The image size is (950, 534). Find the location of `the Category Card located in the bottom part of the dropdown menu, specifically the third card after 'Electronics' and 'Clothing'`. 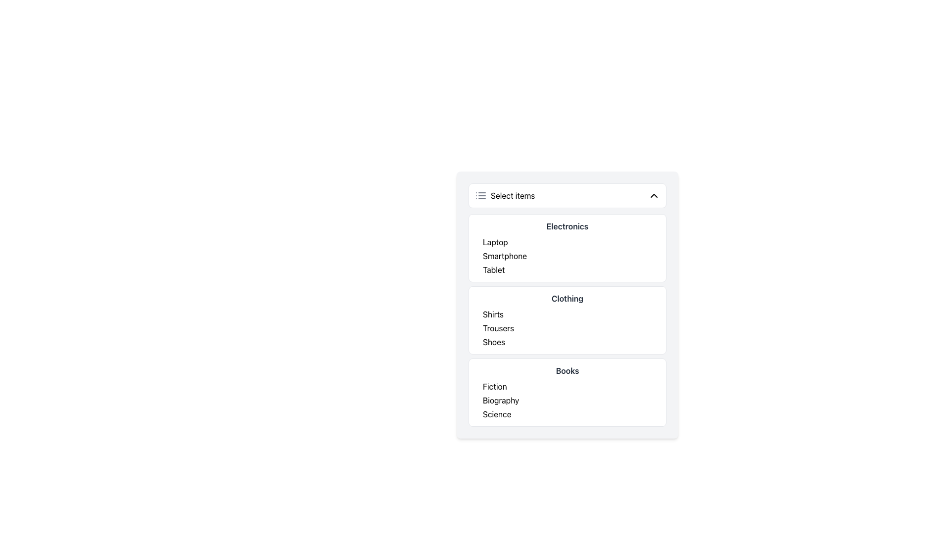

the Category Card located in the bottom part of the dropdown menu, specifically the third card after 'Electronics' and 'Clothing' is located at coordinates (568, 392).